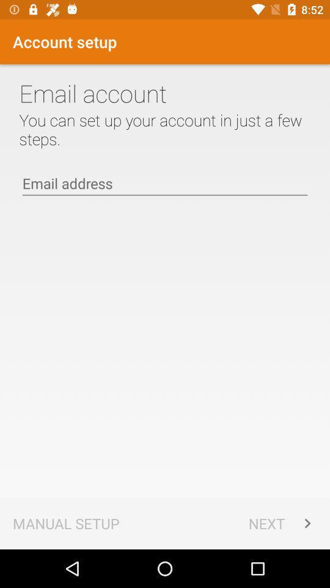 This screenshot has height=588, width=330. What do you see at coordinates (282, 522) in the screenshot?
I see `app to the right of manual setup icon` at bounding box center [282, 522].